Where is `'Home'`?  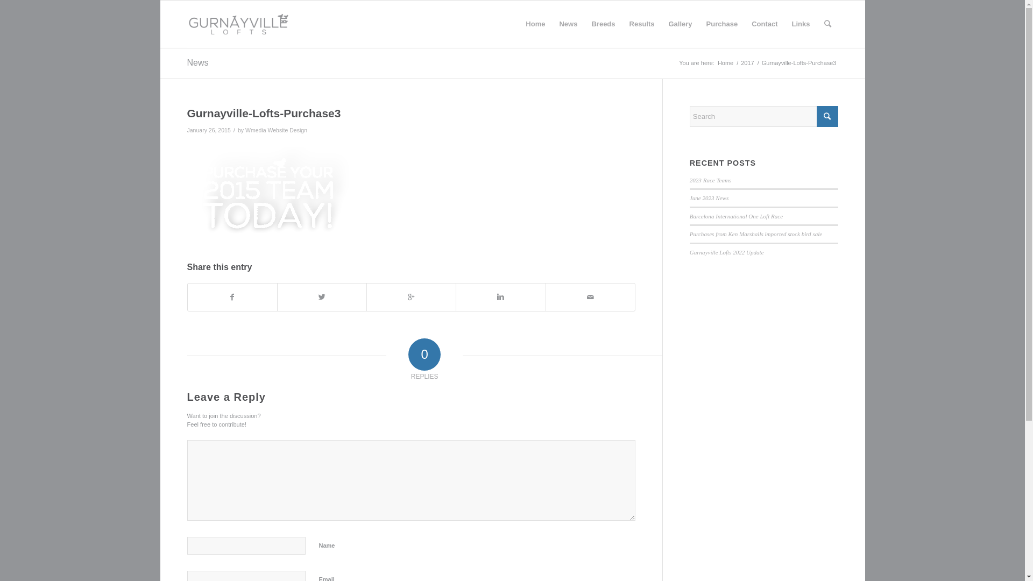 'Home' is located at coordinates (725, 63).